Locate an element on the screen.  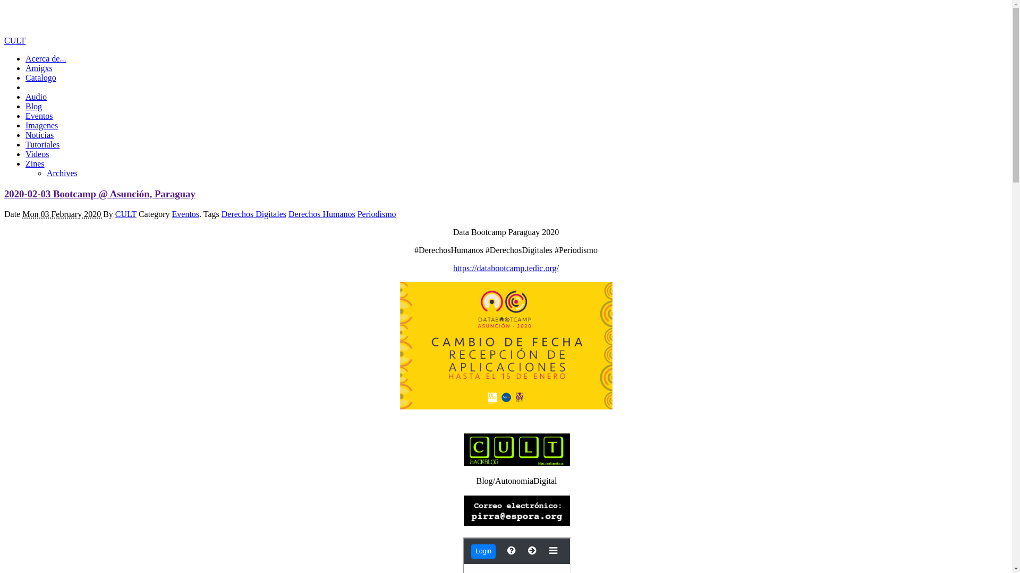
'Acerca de...' is located at coordinates (45, 58).